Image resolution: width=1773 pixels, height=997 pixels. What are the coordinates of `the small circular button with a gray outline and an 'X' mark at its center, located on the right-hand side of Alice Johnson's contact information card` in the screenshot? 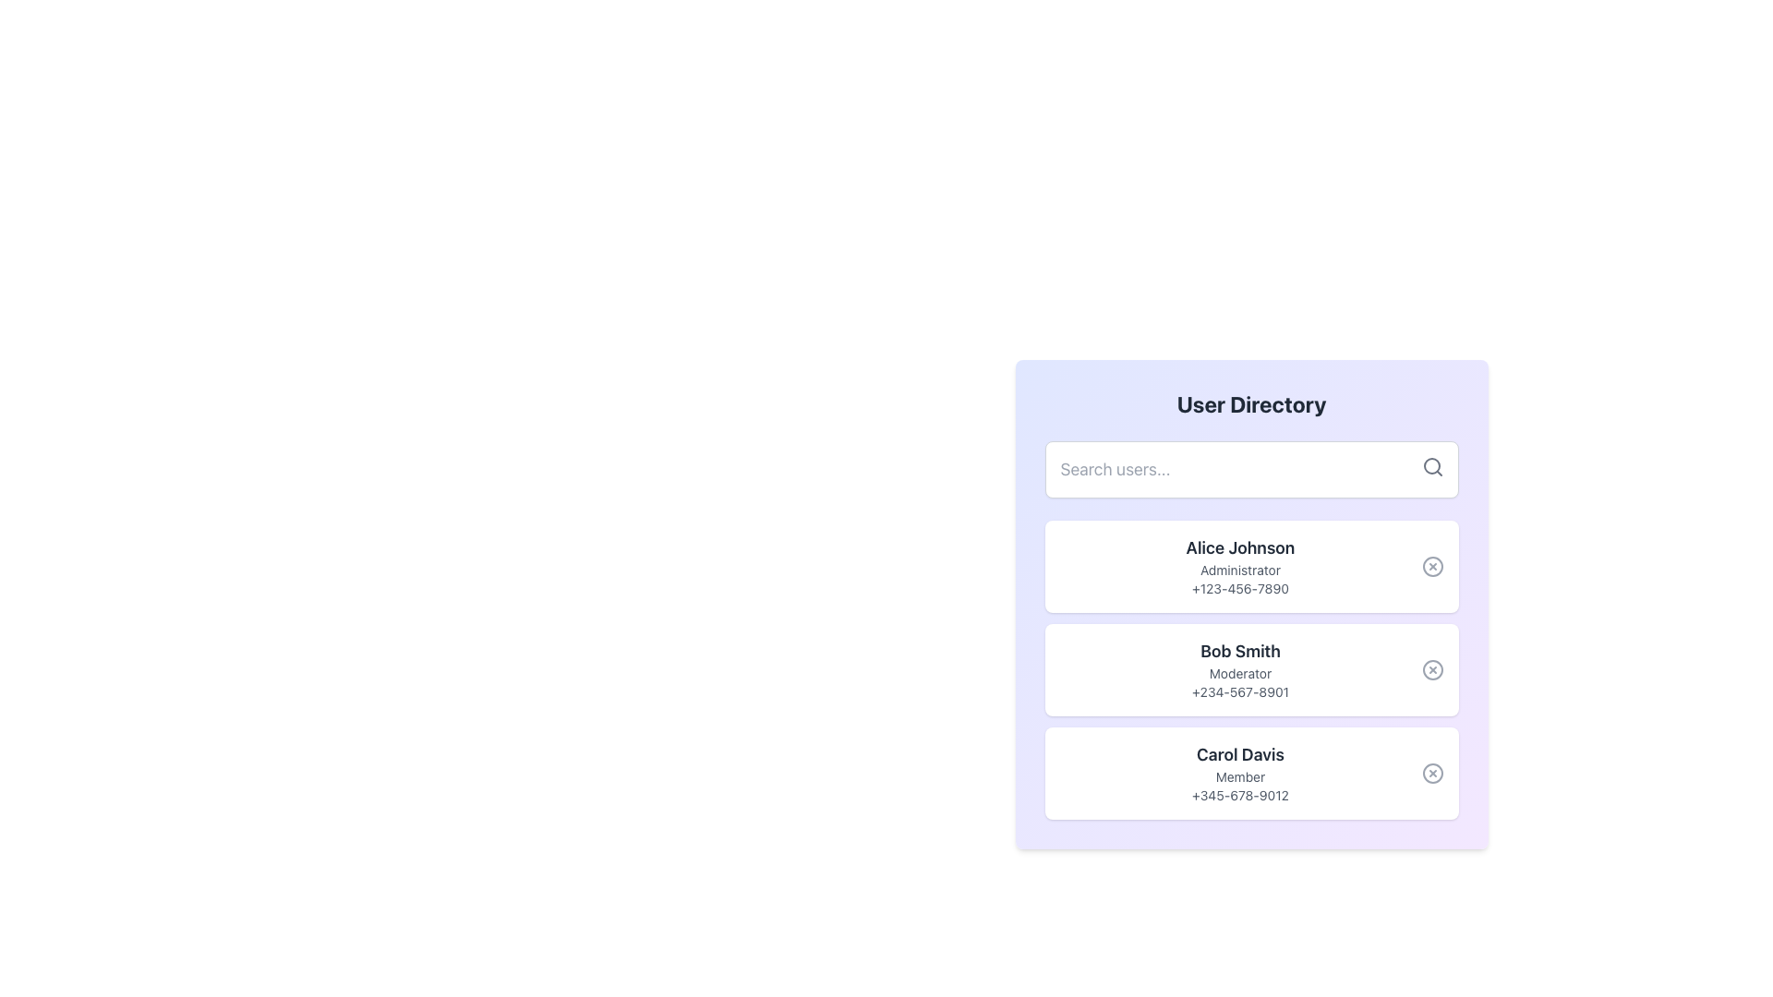 It's located at (1431, 565).